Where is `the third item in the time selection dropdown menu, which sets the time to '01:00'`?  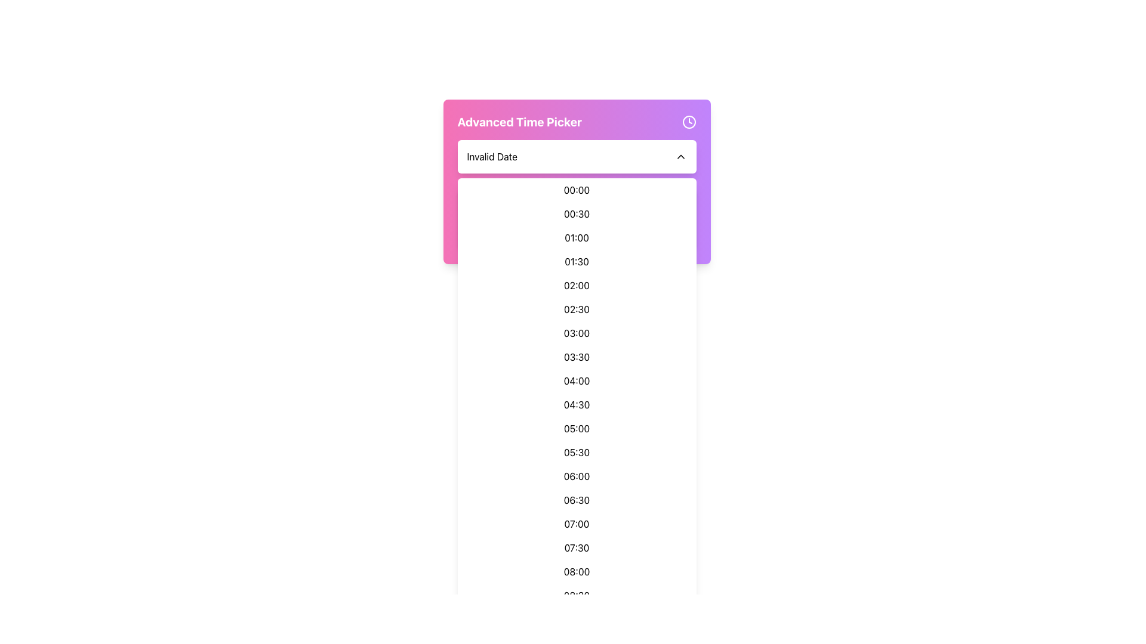
the third item in the time selection dropdown menu, which sets the time to '01:00' is located at coordinates (577, 237).